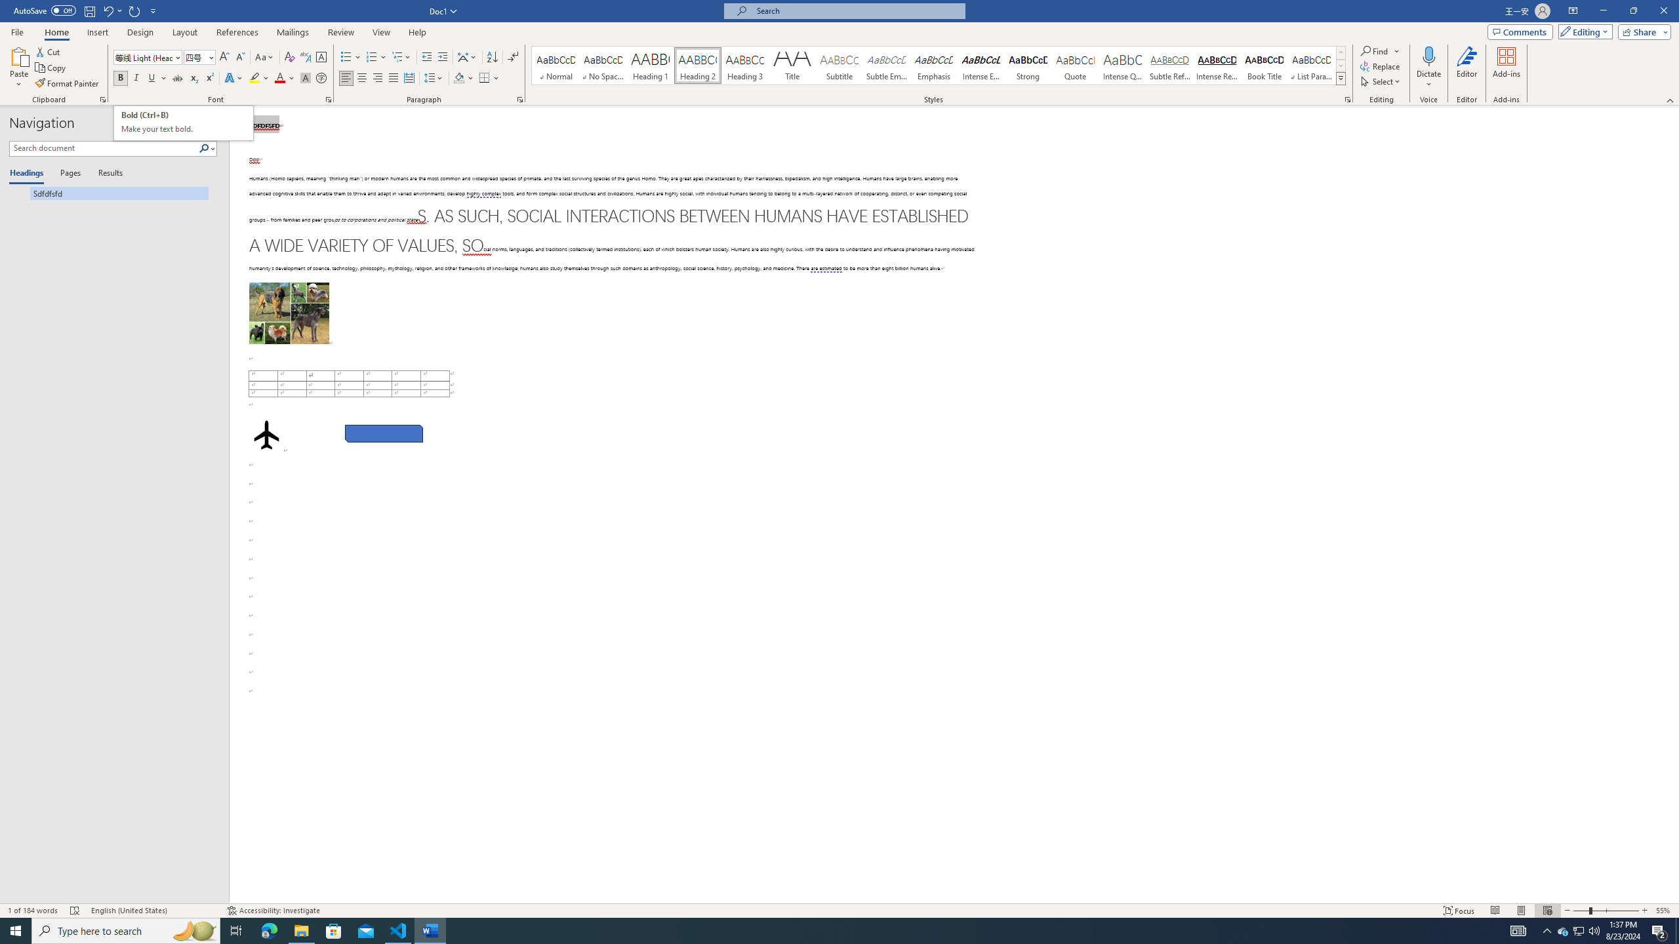  Describe the element at coordinates (1467, 68) in the screenshot. I see `'Editor'` at that location.